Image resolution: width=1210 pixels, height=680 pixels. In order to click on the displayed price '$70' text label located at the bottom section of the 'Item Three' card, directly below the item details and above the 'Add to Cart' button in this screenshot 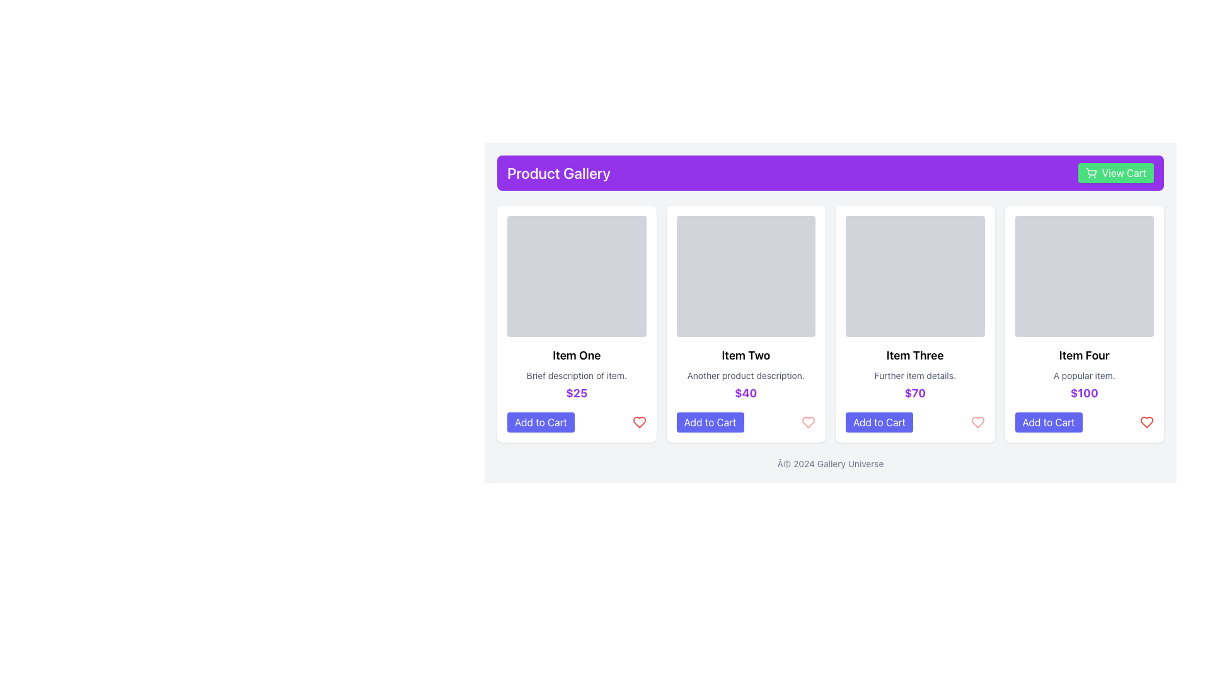, I will do `click(915, 392)`.